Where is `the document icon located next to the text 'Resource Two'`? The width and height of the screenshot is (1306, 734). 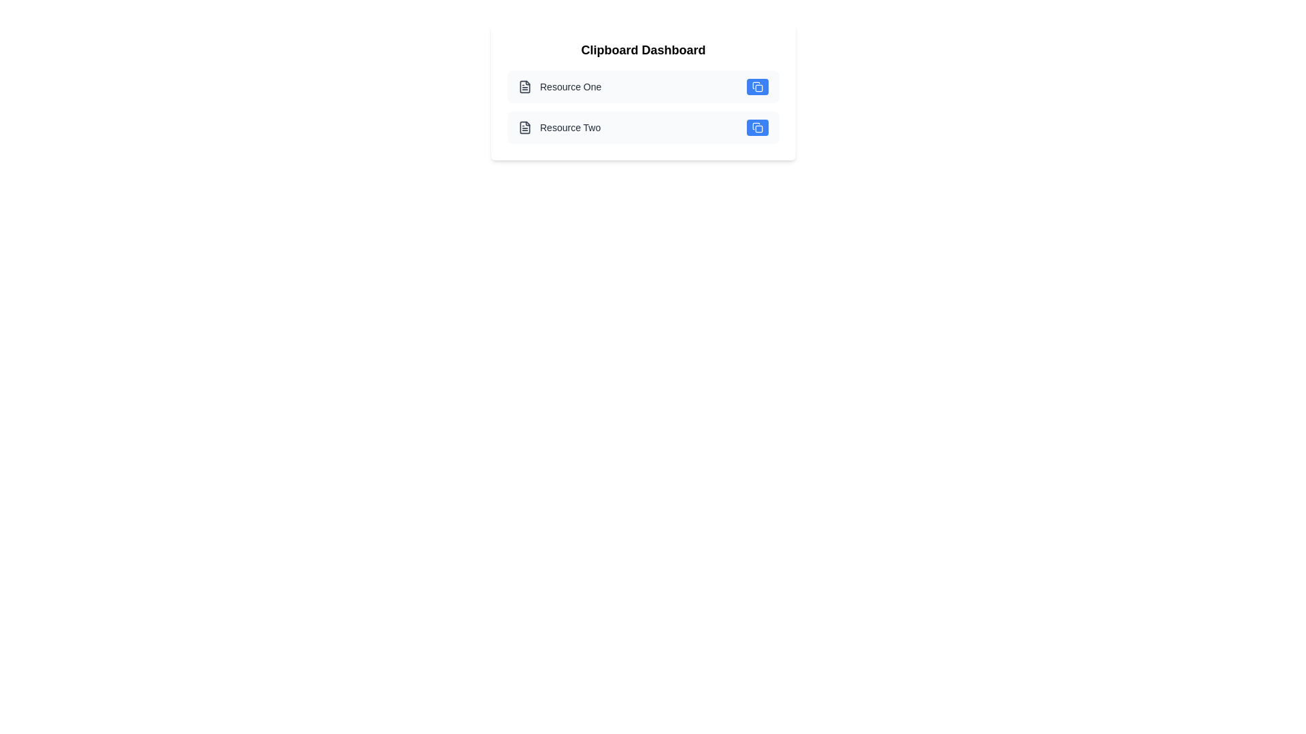
the document icon located next to the text 'Resource Two' is located at coordinates (524, 128).